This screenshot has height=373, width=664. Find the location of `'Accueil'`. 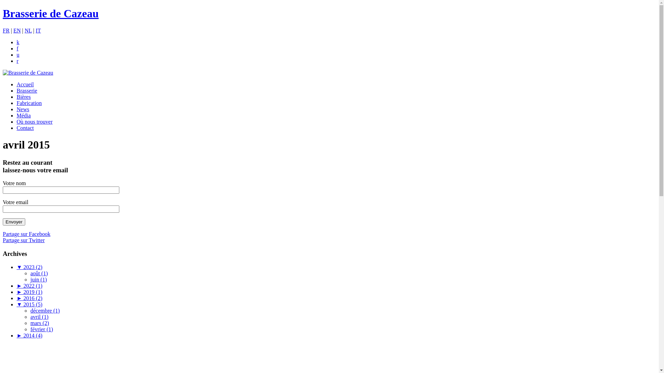

'Accueil' is located at coordinates (25, 84).